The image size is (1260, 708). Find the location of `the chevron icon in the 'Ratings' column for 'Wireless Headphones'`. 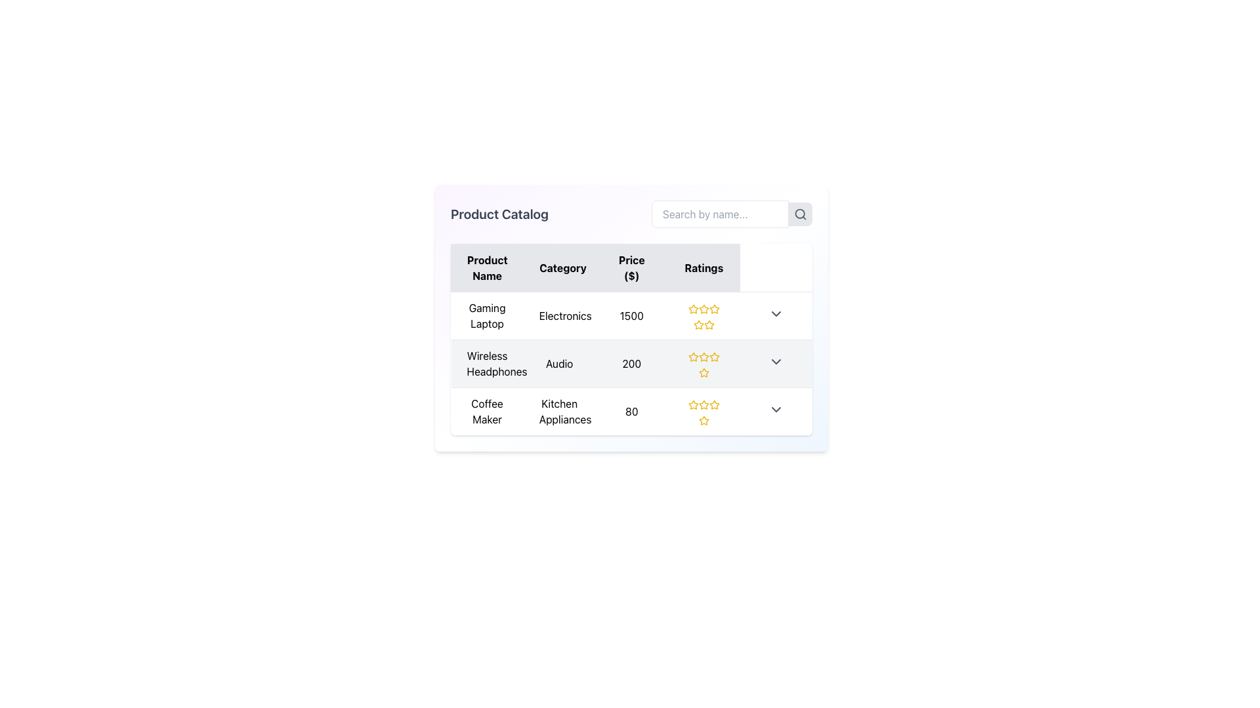

the chevron icon in the 'Ratings' column for 'Wireless Headphones' is located at coordinates (776, 361).